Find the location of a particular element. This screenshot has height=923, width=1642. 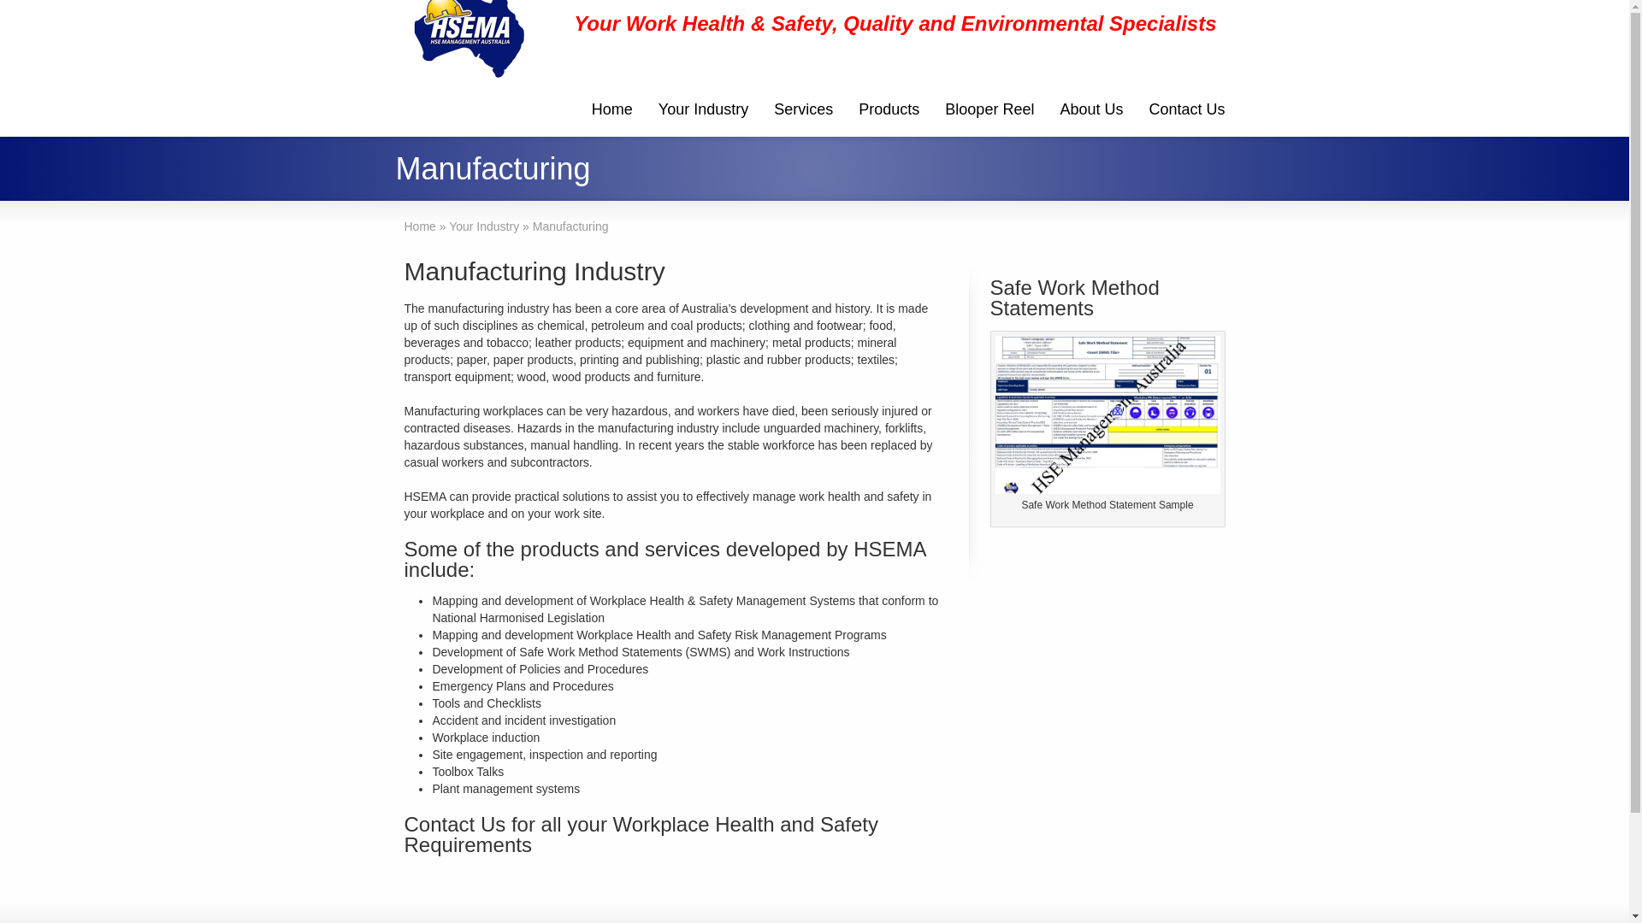

'Blooper Reel' is located at coordinates (989, 111).